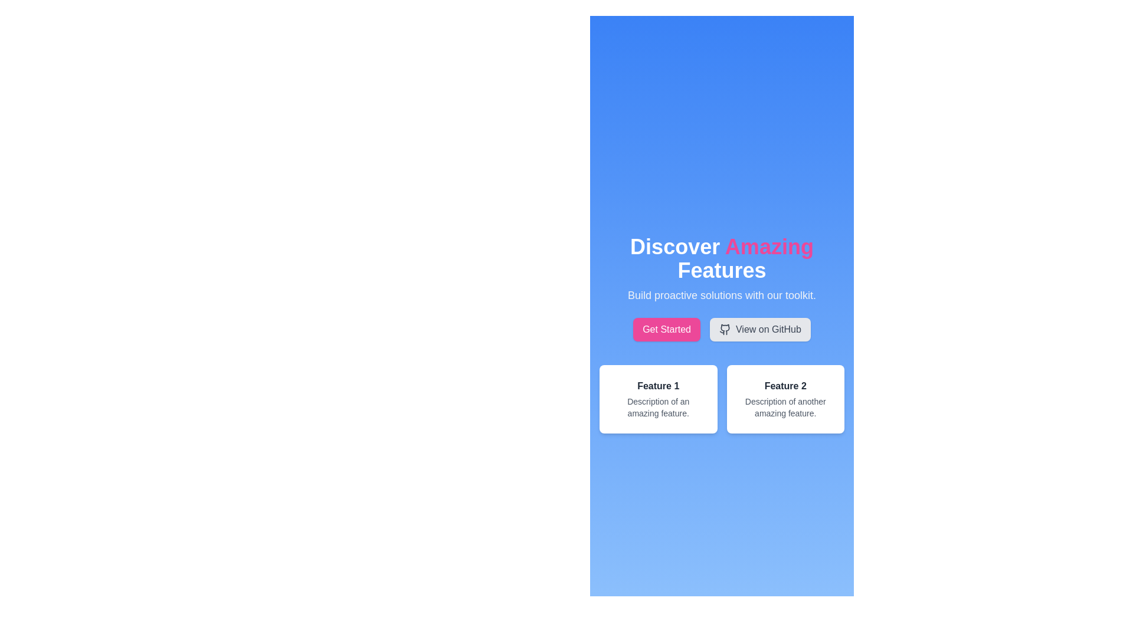 The image size is (1133, 637). I want to click on the text block that displays the prominent title and subtitle at the top of the interface, which introduces the user to the application's features and functionalities, so click(721, 269).